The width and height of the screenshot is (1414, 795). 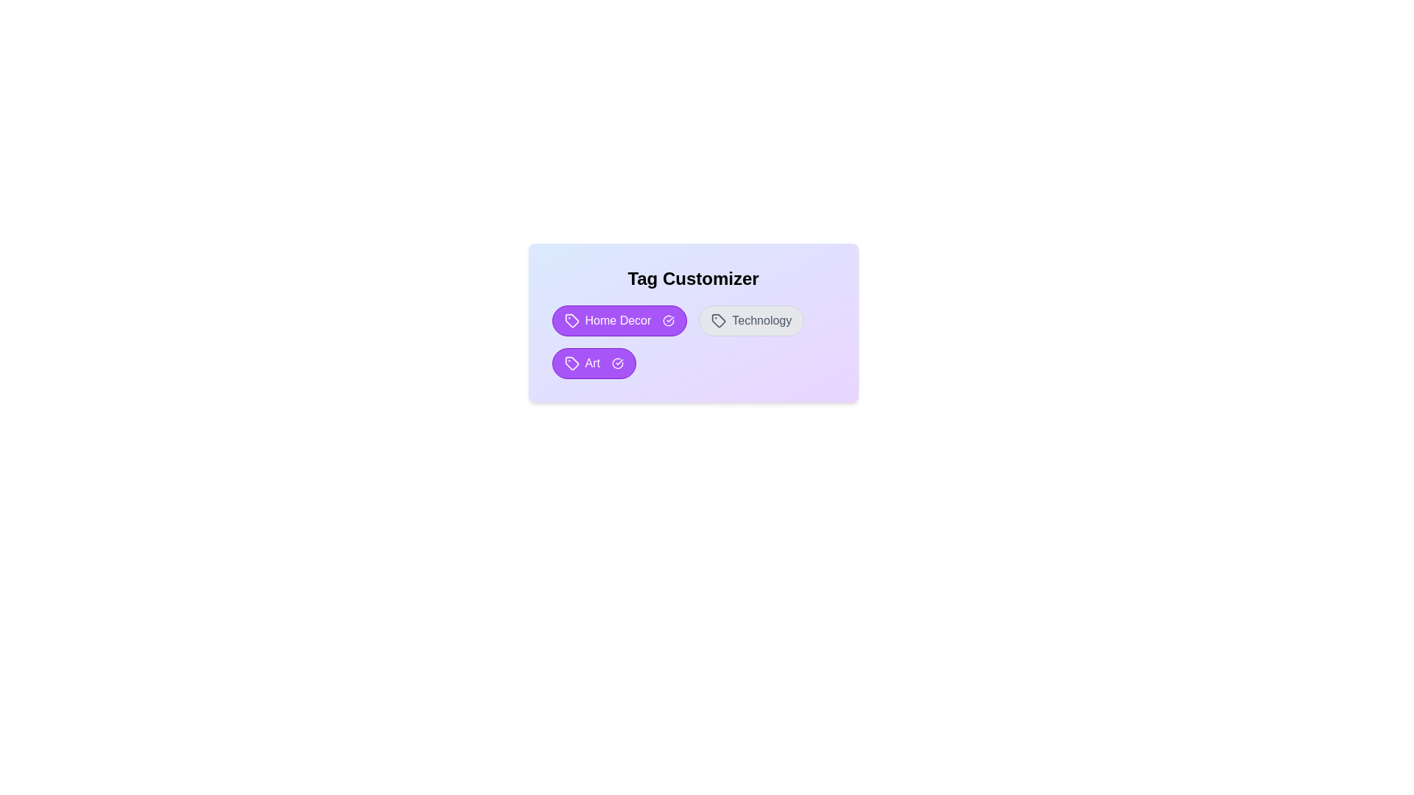 I want to click on the tag Home Decor by clicking on it, so click(x=619, y=319).